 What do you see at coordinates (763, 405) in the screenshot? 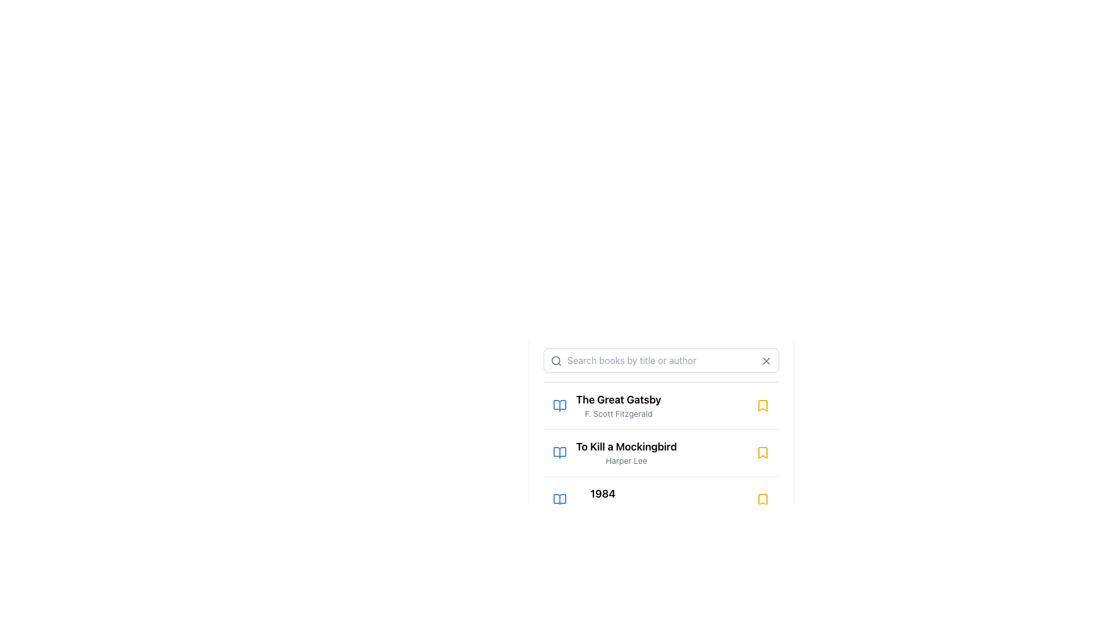
I see `the bookmark icon` at bounding box center [763, 405].